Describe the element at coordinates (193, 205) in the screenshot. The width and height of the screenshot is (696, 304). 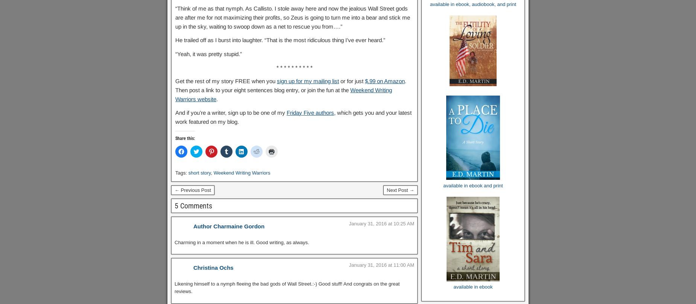
I see `'5 Comments'` at that location.